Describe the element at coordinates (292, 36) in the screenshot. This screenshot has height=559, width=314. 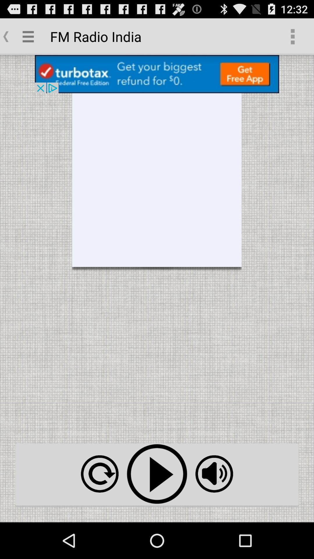
I see `the item next to fm radio india` at that location.